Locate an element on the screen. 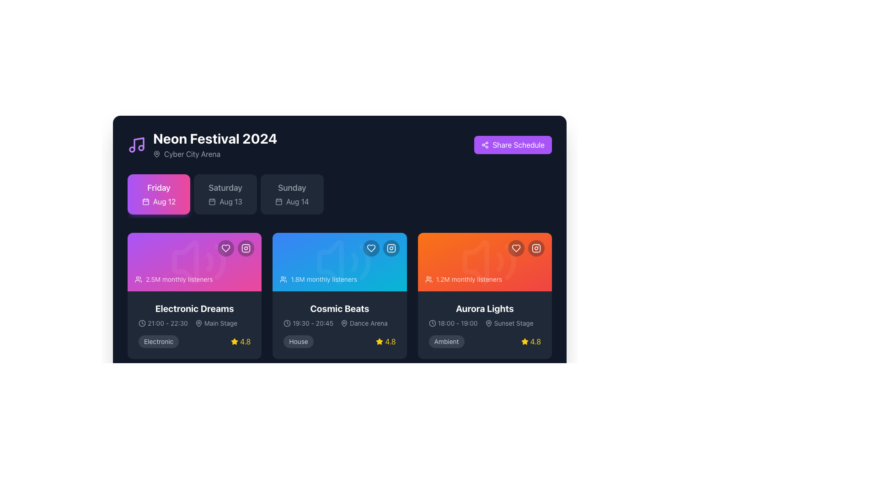 The width and height of the screenshot is (878, 494). the 'Sunday' text element, which serves as an indicator for the date of the event is located at coordinates (291, 201).